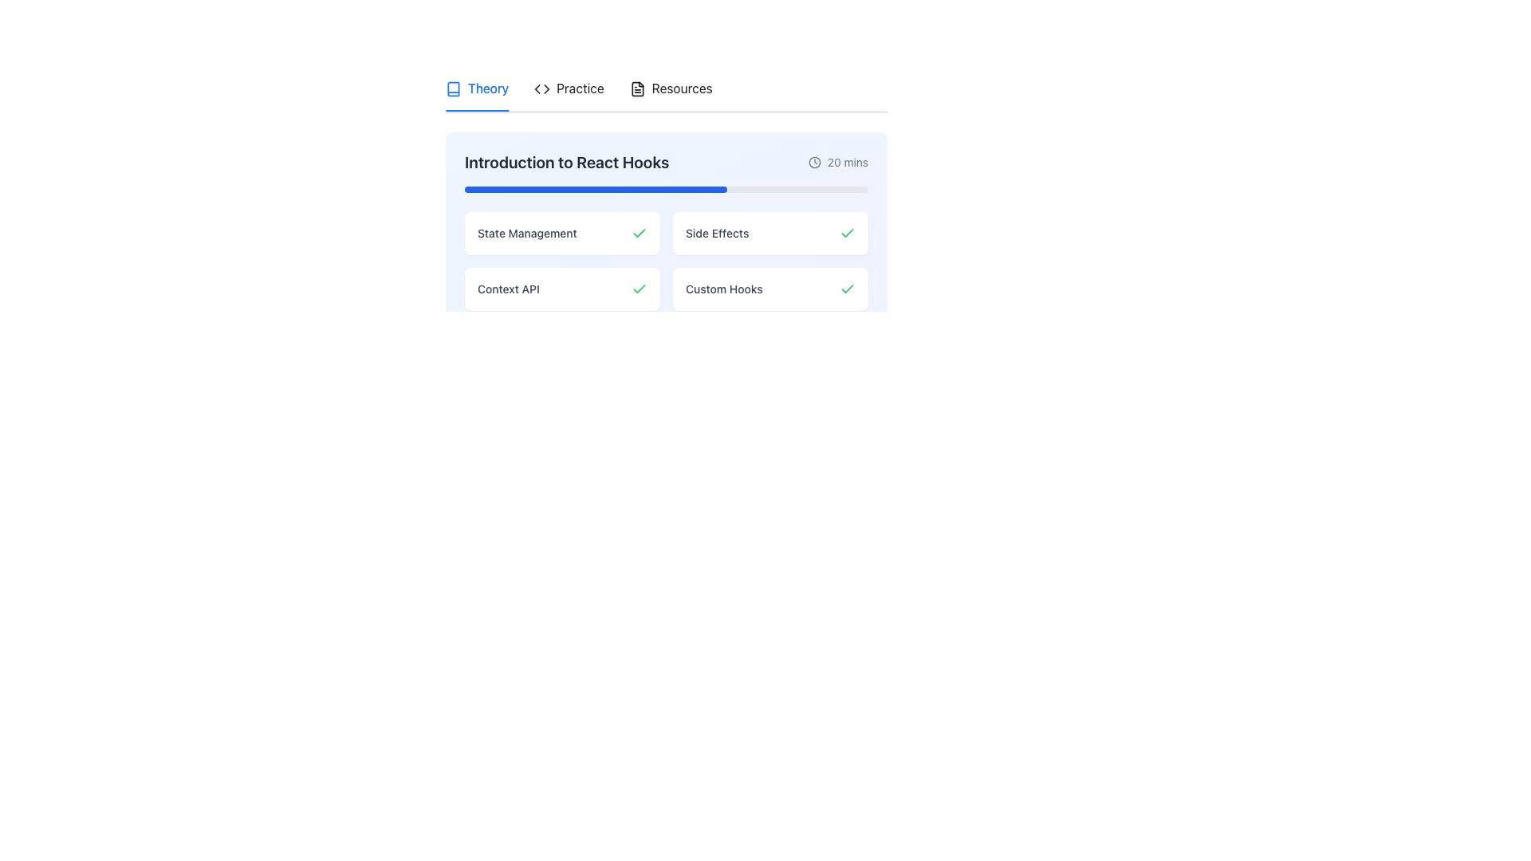  What do you see at coordinates (666, 196) in the screenshot?
I see `the 'Theory' tab in the navigation bar` at bounding box center [666, 196].